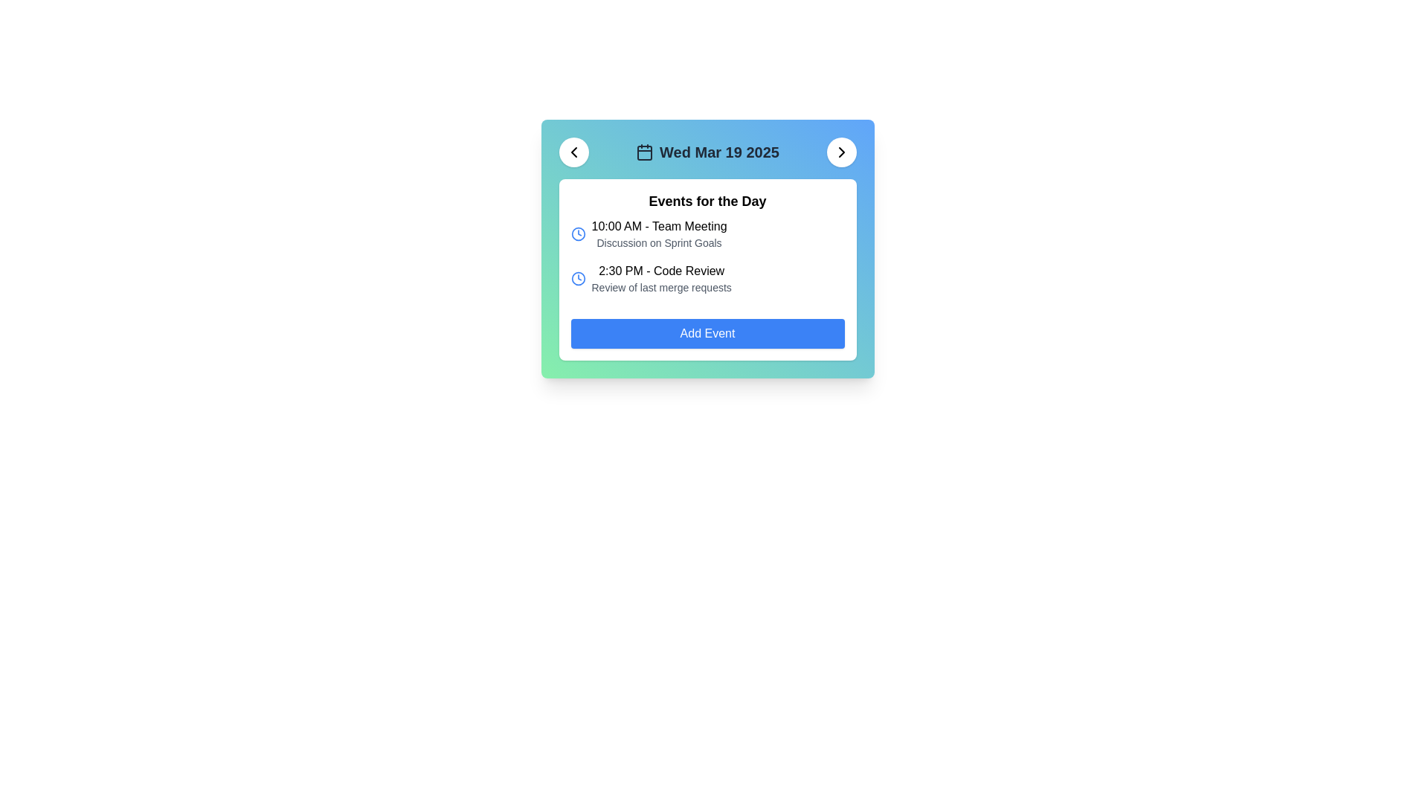  Describe the element at coordinates (841, 152) in the screenshot. I see `the rightward arrow icon with a chevron design located in the top-right section of the calendar interface` at that location.